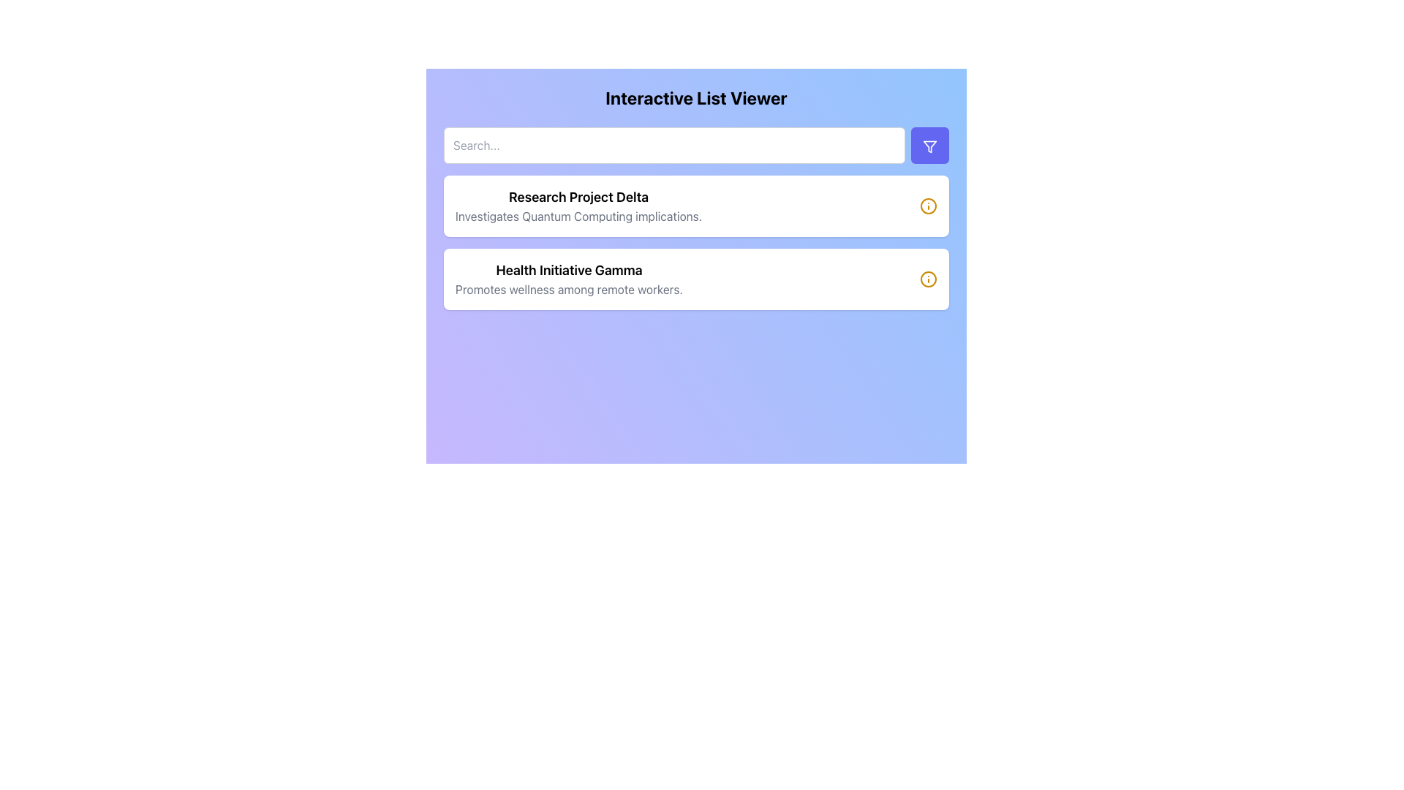 Image resolution: width=1404 pixels, height=790 pixels. What do you see at coordinates (929, 146) in the screenshot?
I see `the filter icon located in the top-right corner of the application interface` at bounding box center [929, 146].